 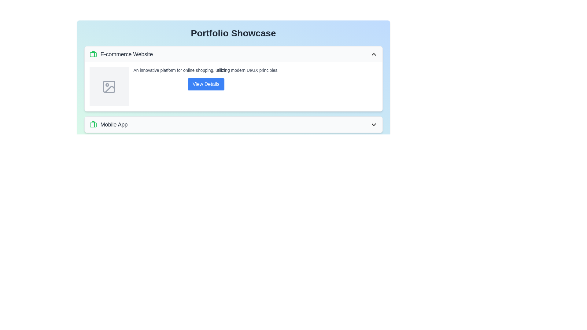 I want to click on the blue 'View Details' button with white text located below the description of the online shopping platform, so click(x=206, y=84).